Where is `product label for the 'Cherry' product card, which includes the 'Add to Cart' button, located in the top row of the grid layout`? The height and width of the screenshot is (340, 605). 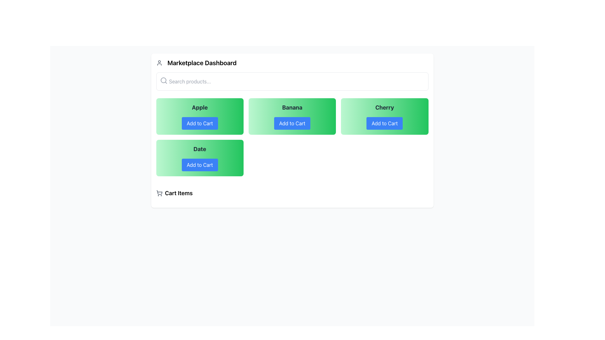 product label for the 'Cherry' product card, which includes the 'Add to Cart' button, located in the top row of the grid layout is located at coordinates (384, 116).